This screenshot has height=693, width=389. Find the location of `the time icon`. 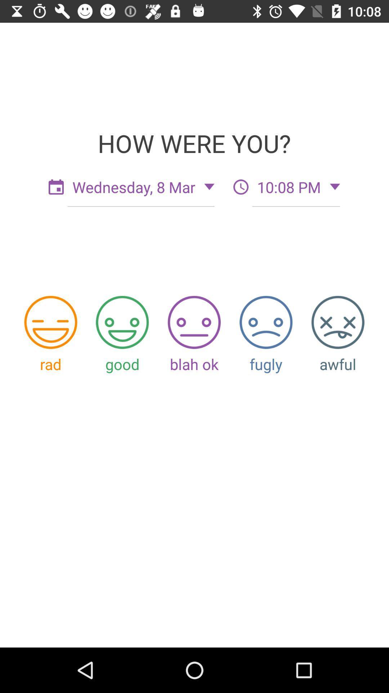

the time icon is located at coordinates (241, 187).